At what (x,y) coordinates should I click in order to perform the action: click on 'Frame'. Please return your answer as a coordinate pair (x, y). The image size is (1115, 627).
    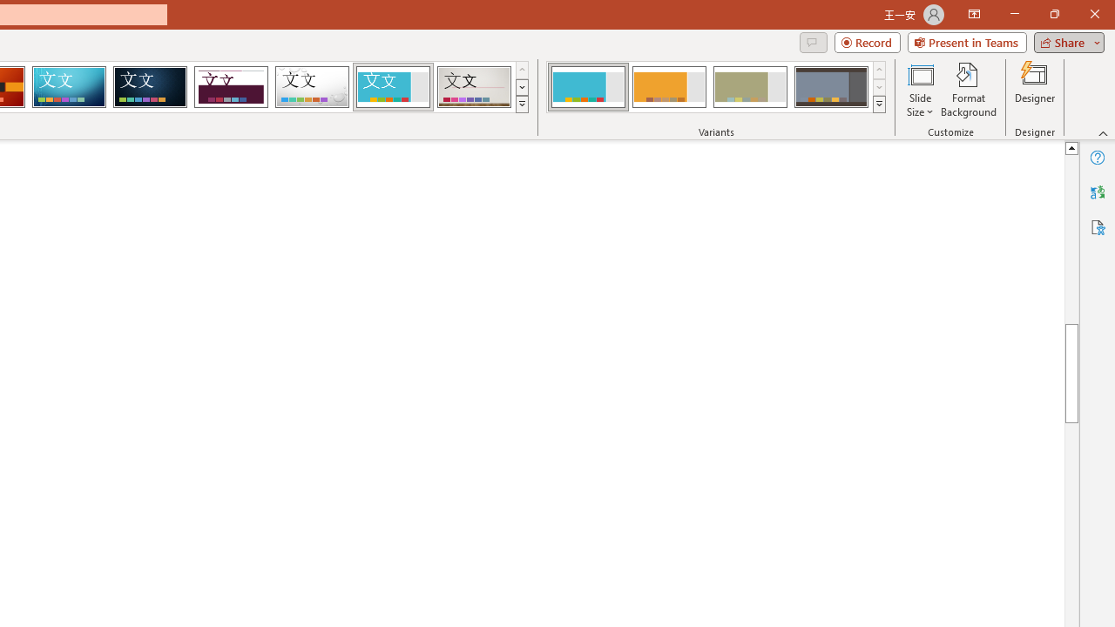
    Looking at the image, I should click on (392, 87).